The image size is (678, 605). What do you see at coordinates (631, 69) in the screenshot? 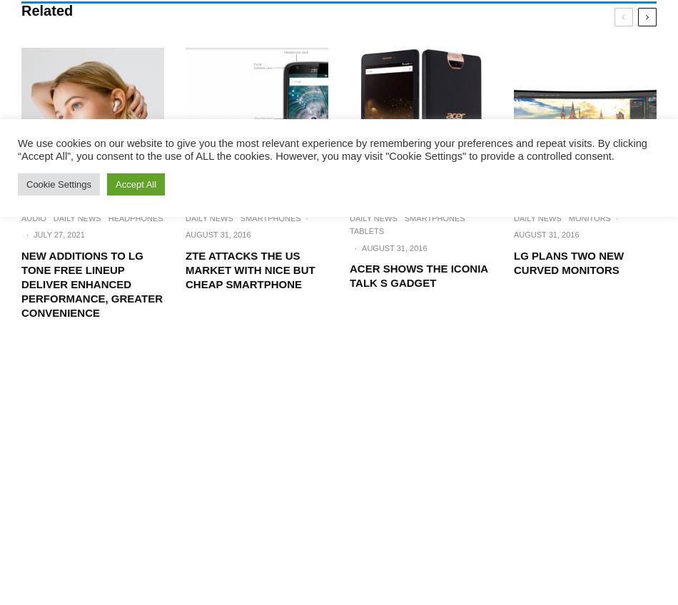
I see `'OLED'` at bounding box center [631, 69].